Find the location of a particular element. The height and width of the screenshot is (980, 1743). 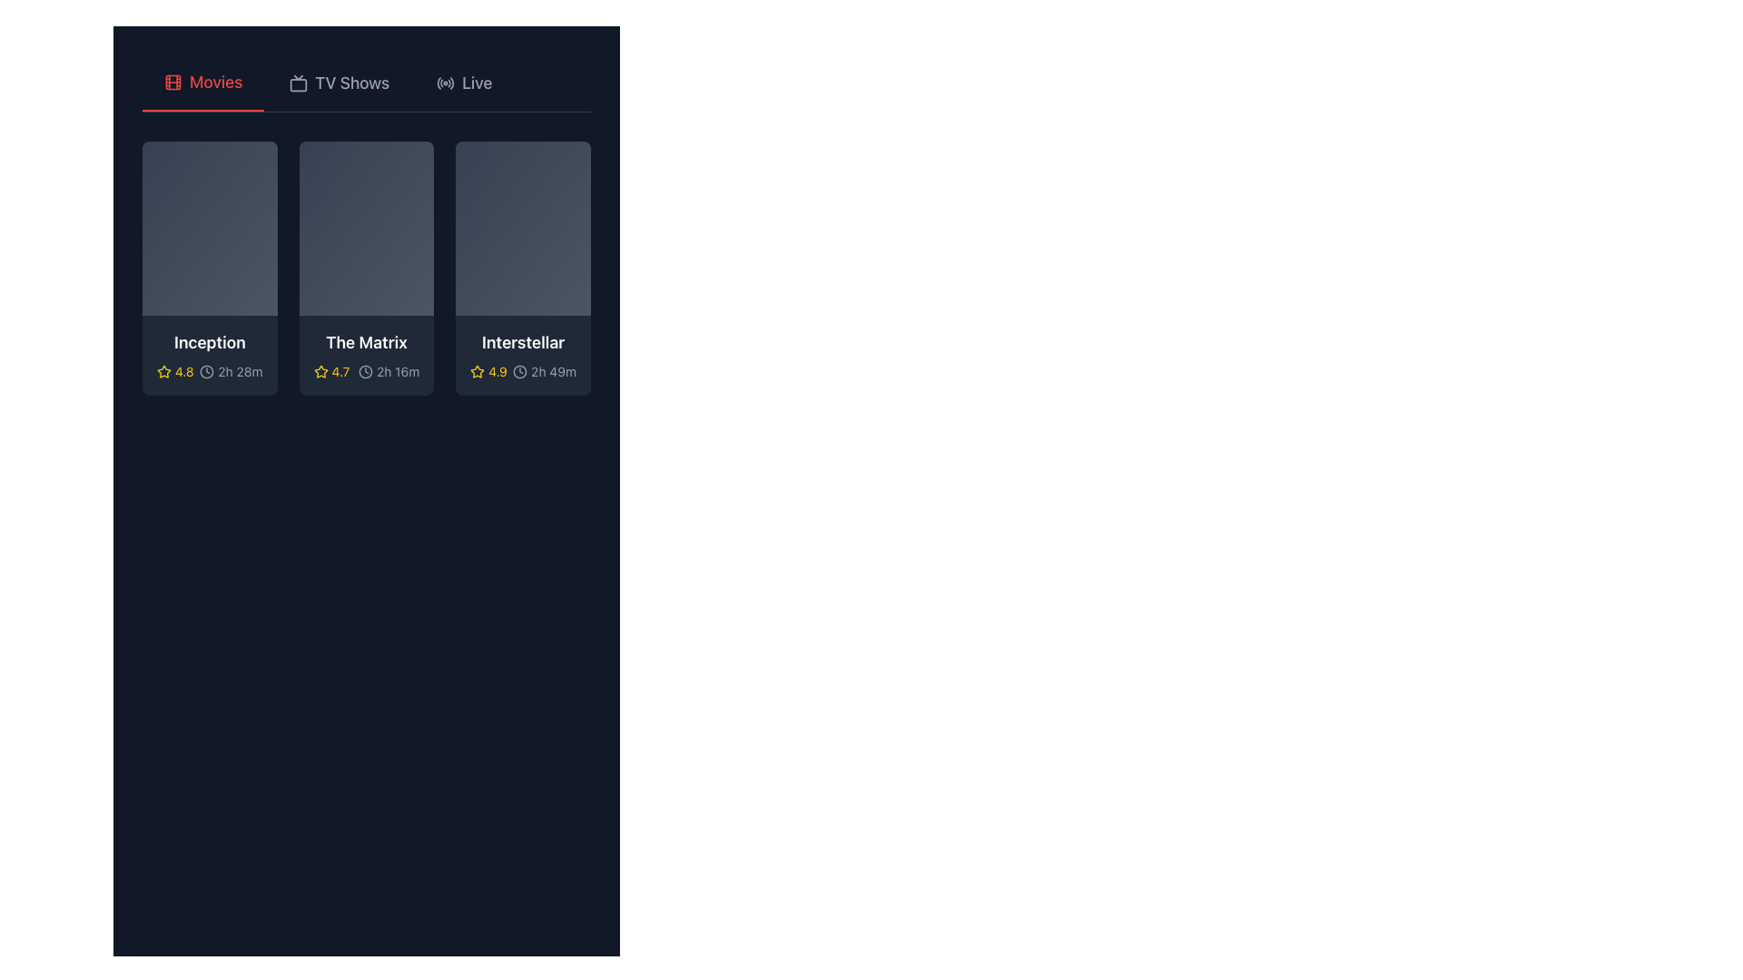

the text label indicating the duration of the movie 'Inception', which is positioned below the title and to the right of a star-shaped rating icon is located at coordinates (239, 370).